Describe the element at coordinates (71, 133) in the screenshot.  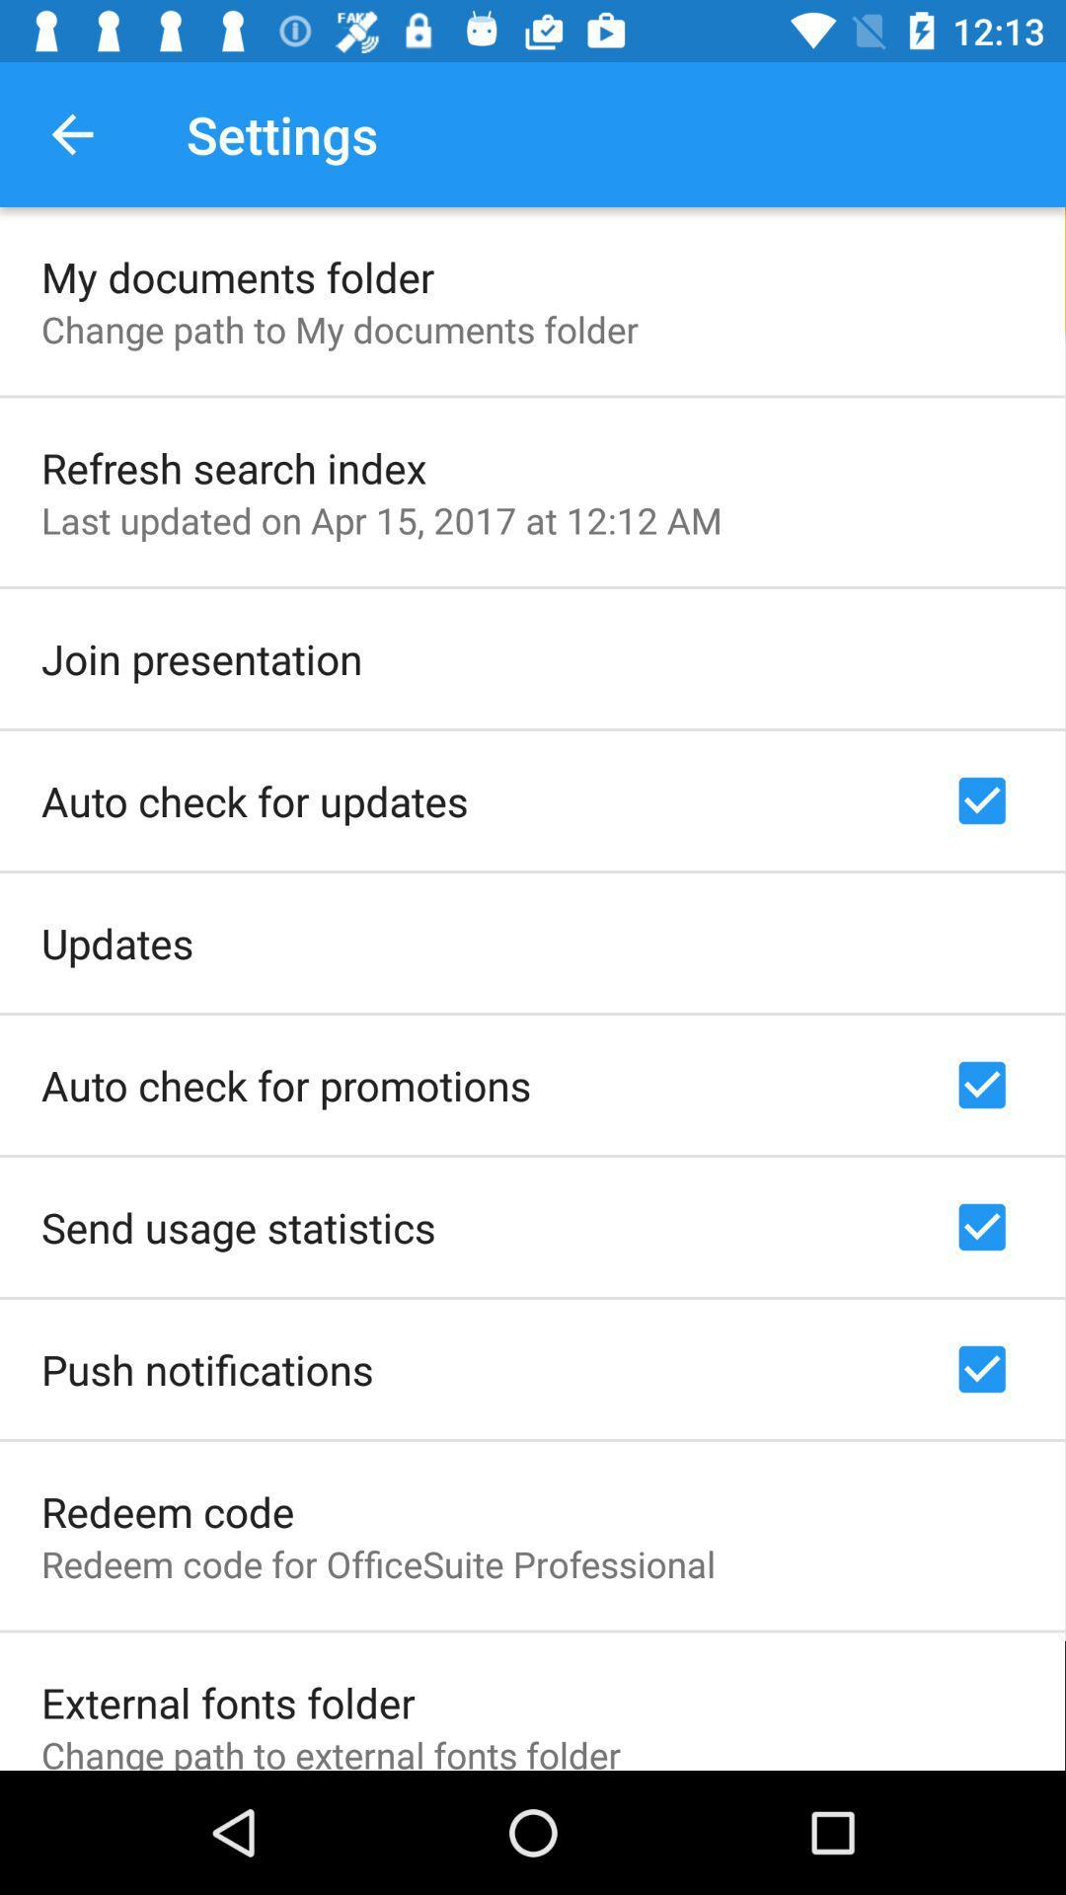
I see `previous page` at that location.